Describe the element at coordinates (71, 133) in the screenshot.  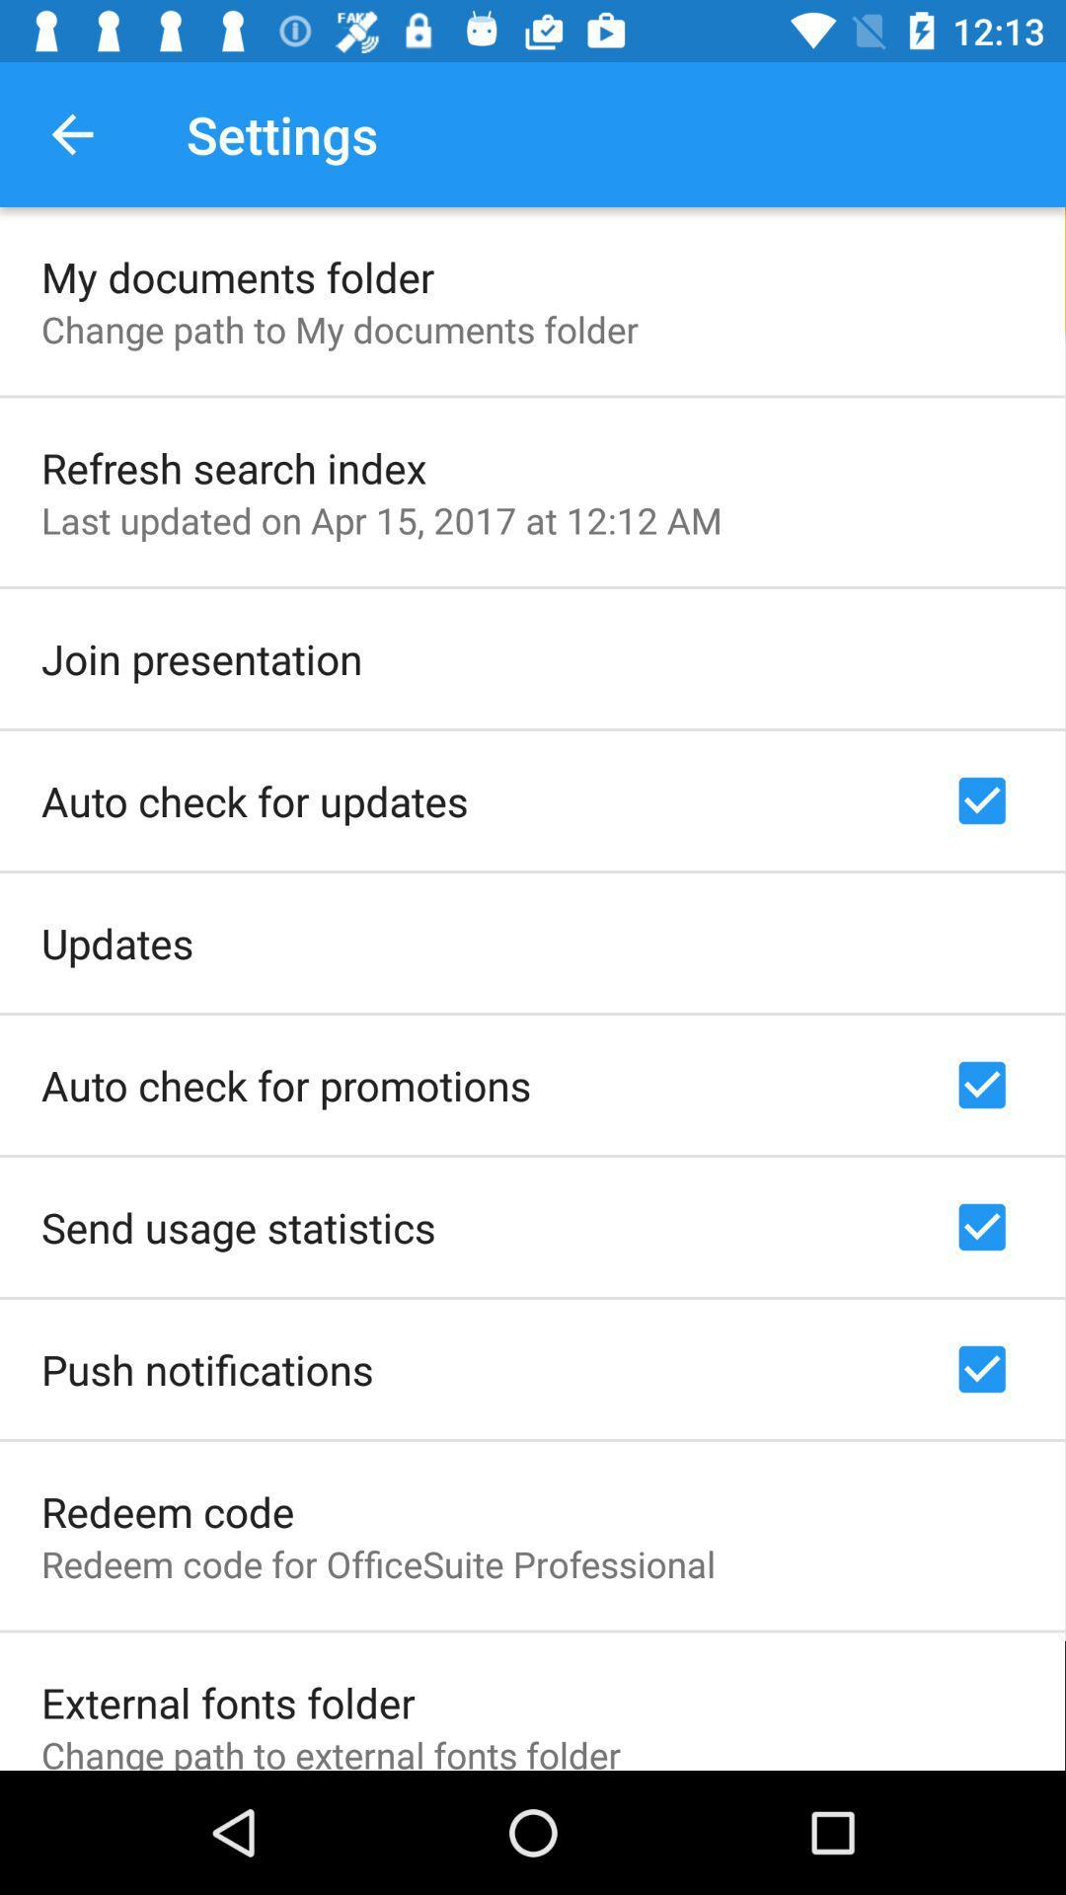
I see `previous page` at that location.